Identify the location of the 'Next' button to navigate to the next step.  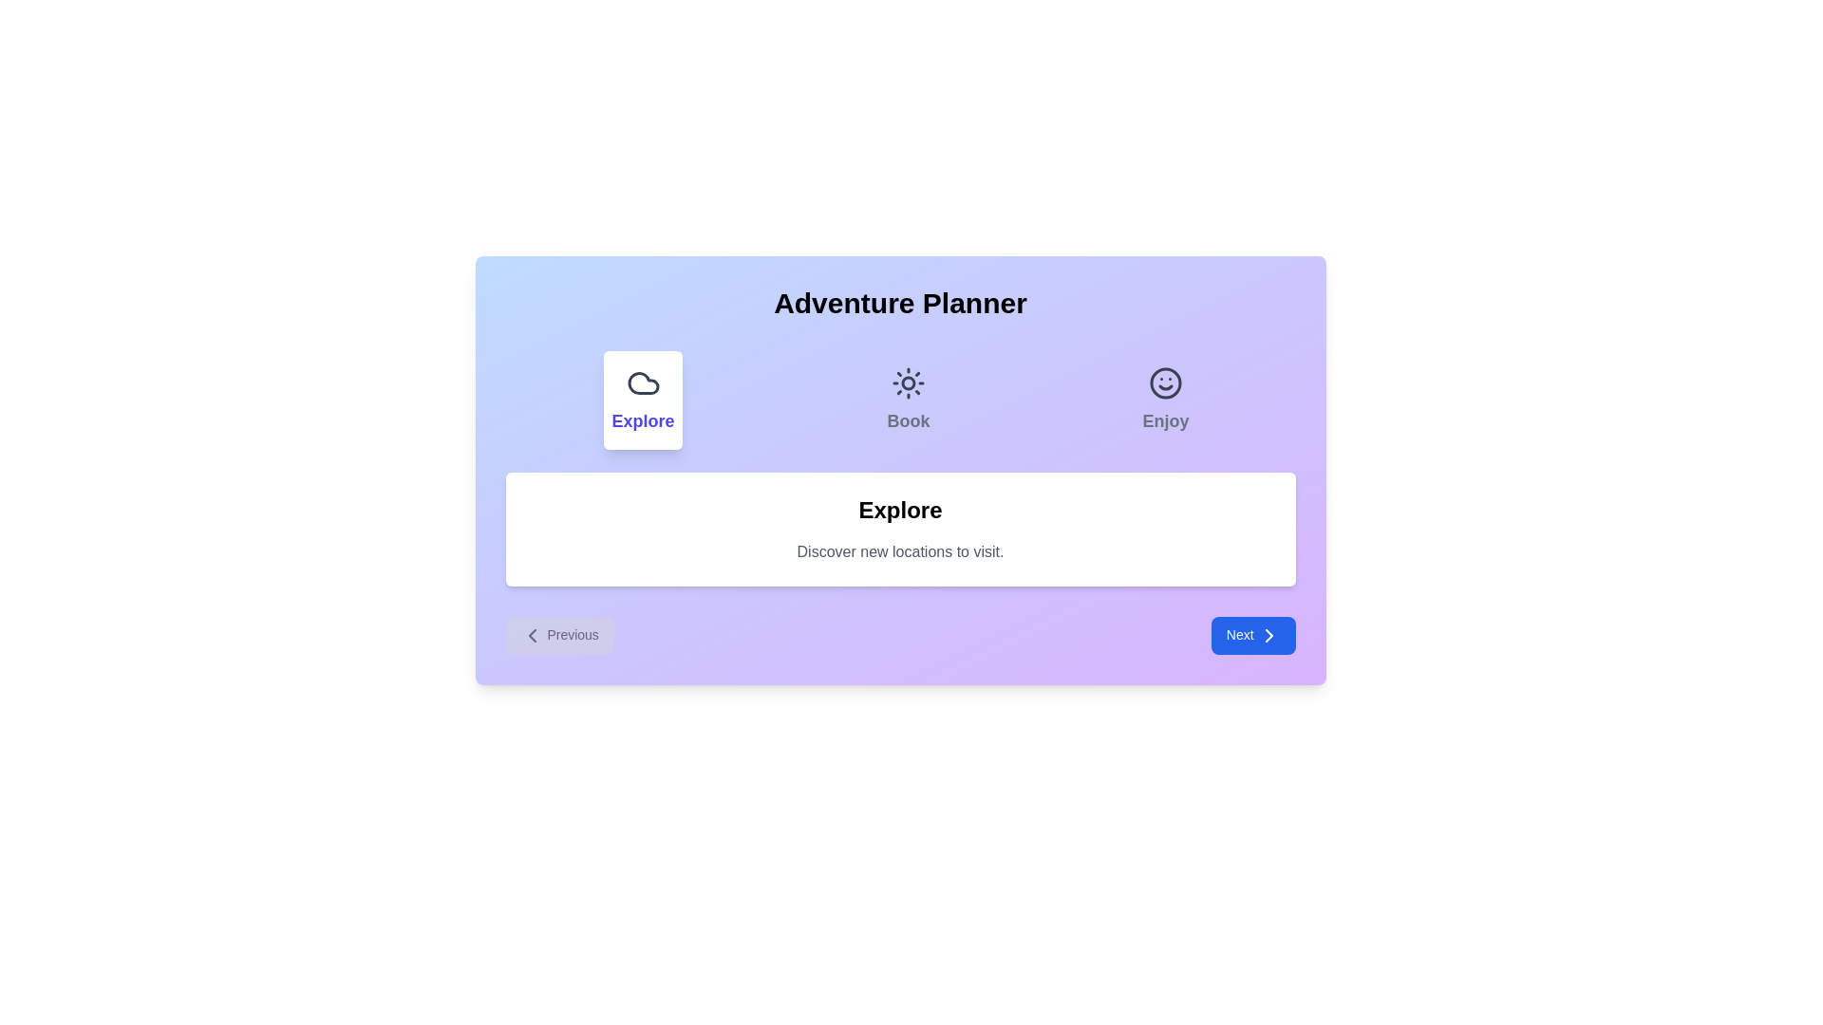
(1253, 636).